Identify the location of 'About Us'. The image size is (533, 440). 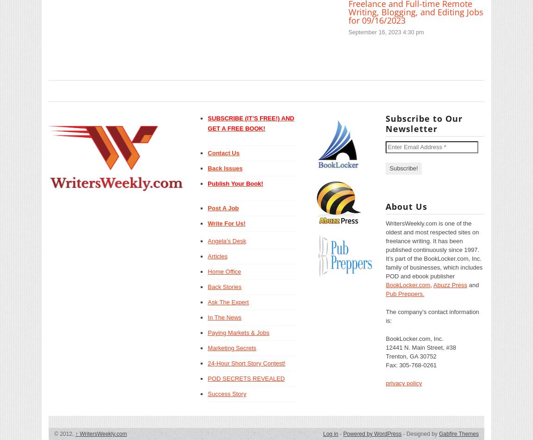
(406, 206).